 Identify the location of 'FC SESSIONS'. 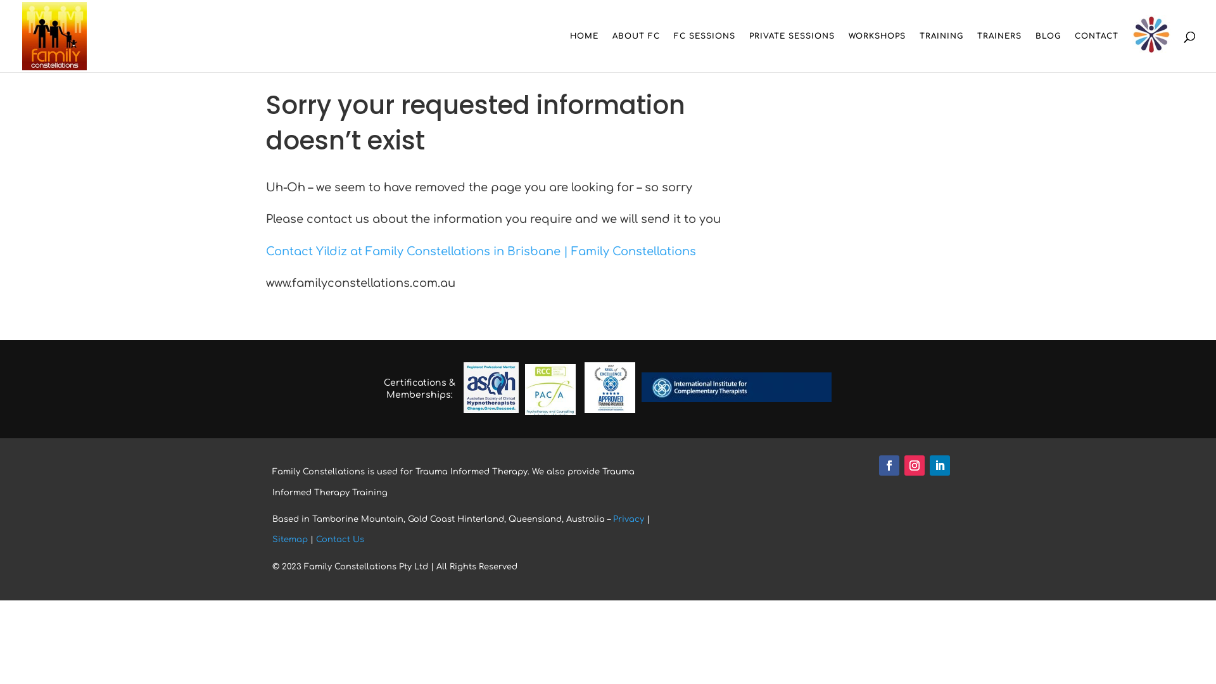
(704, 51).